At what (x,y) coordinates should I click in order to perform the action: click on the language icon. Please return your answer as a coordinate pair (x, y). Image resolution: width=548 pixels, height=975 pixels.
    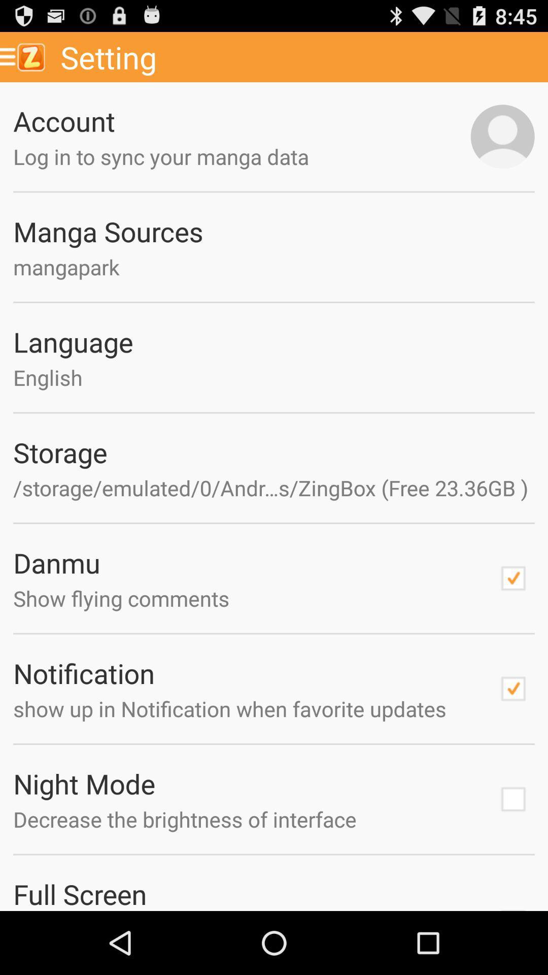
    Looking at the image, I should click on (274, 342).